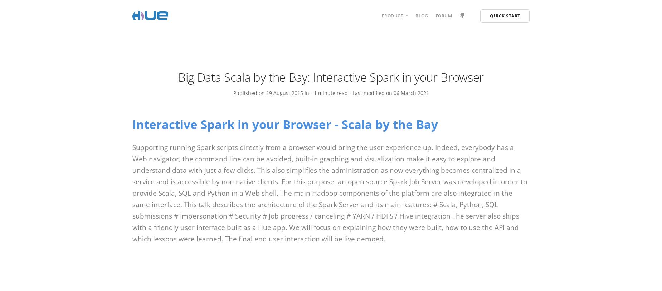 The height and width of the screenshot is (291, 662). I want to click on 'Blog', so click(421, 15).